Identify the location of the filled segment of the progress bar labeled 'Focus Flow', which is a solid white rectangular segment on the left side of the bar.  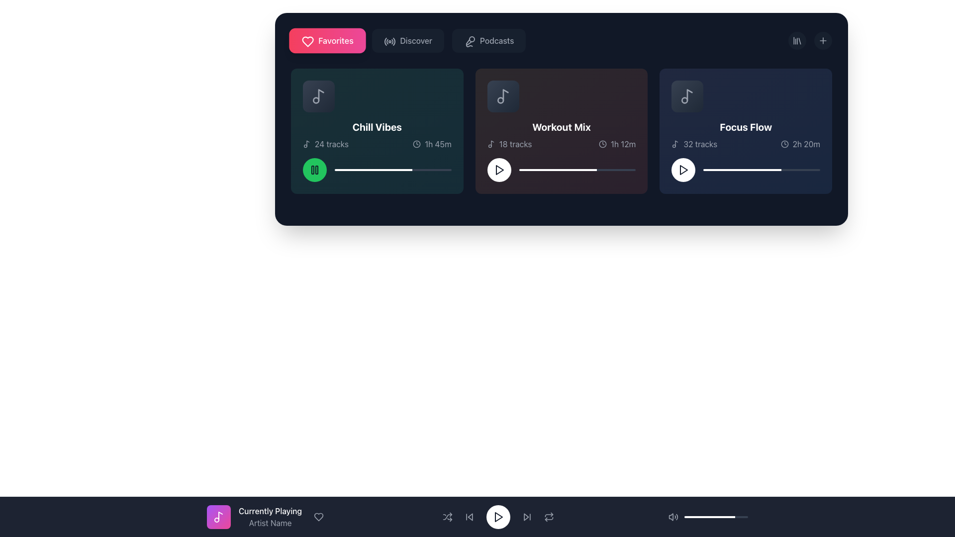
(742, 170).